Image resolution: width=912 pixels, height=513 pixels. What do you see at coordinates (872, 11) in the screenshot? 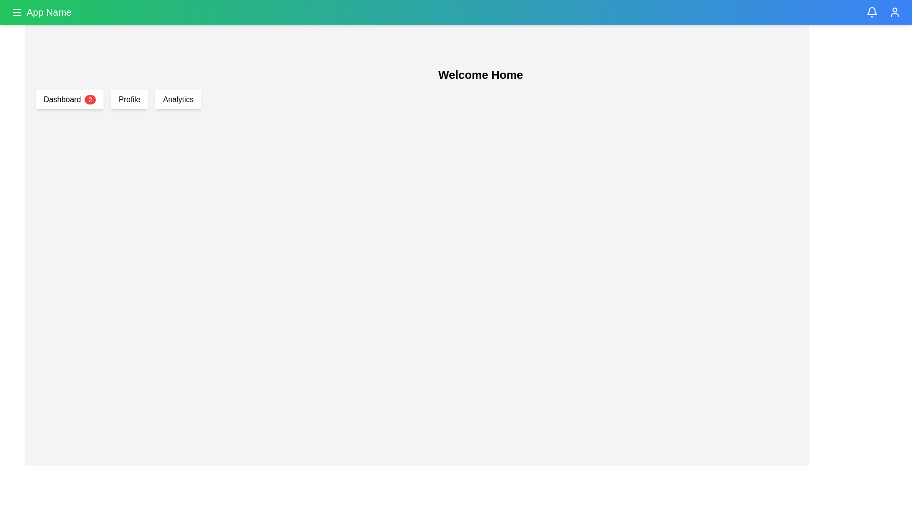
I see `the decorative vector graphic component that serves as part of the notification icon, located just below the top navigation bar and adjacent to the profile icon` at bounding box center [872, 11].